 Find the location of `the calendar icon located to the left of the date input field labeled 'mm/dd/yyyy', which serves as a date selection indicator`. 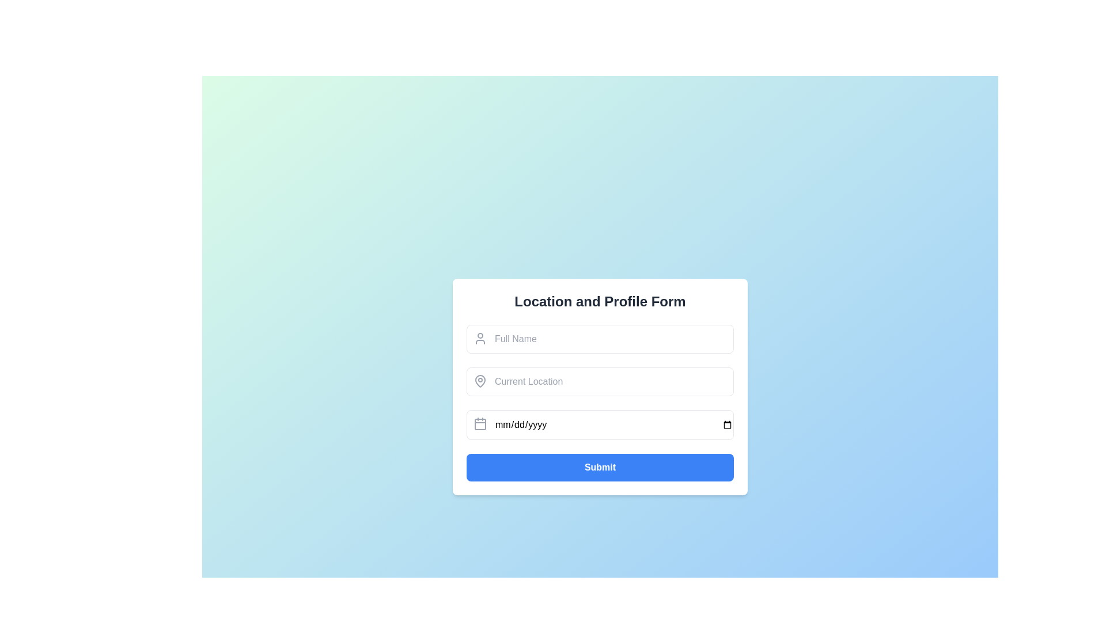

the calendar icon located to the left of the date input field labeled 'mm/dd/yyyy', which serves as a date selection indicator is located at coordinates (480, 424).